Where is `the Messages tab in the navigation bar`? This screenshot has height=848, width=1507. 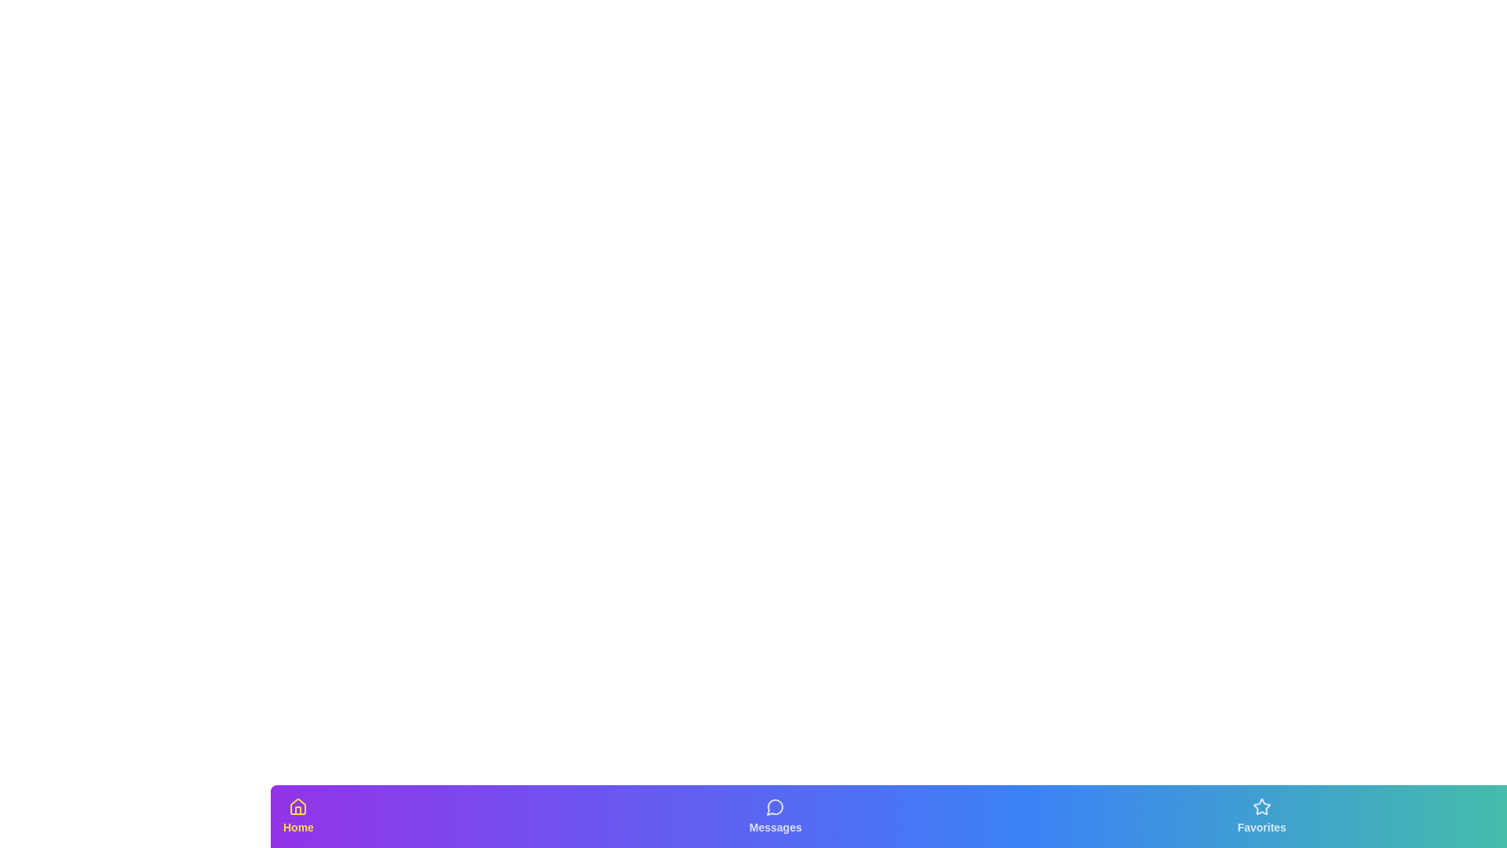 the Messages tab in the navigation bar is located at coordinates (775, 816).